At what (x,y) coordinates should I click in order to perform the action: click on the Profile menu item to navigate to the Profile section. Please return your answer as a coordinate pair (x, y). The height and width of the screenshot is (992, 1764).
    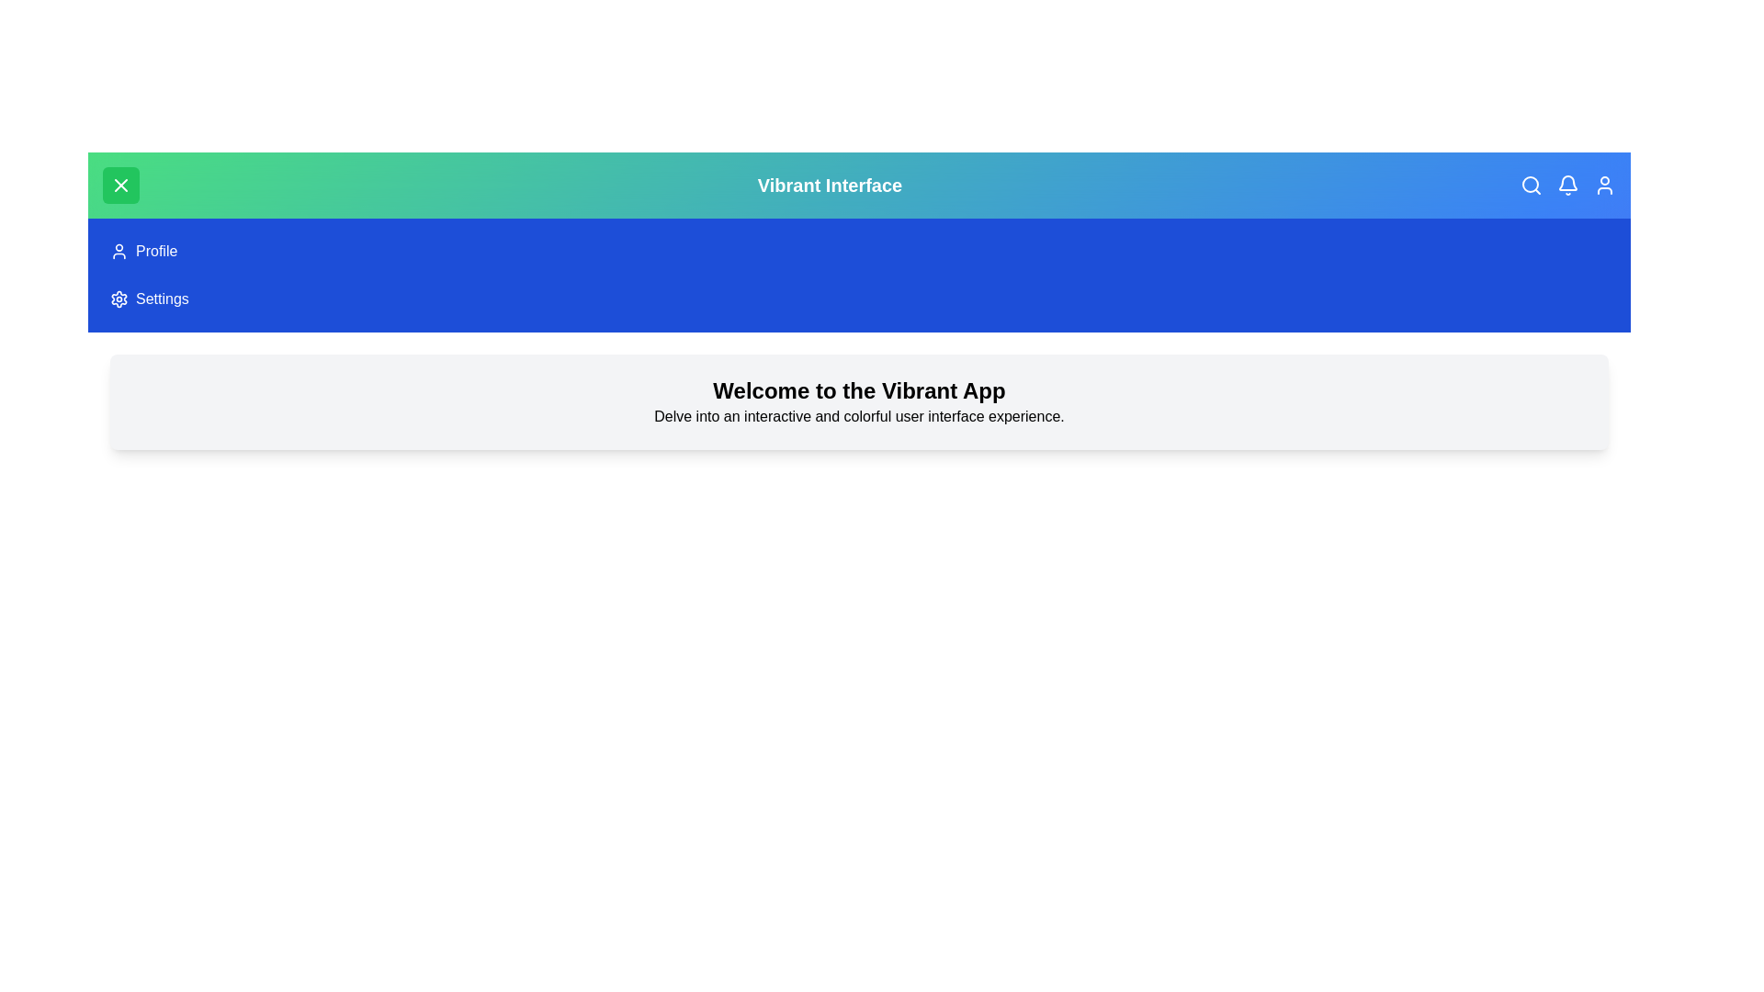
    Looking at the image, I should click on (118, 251).